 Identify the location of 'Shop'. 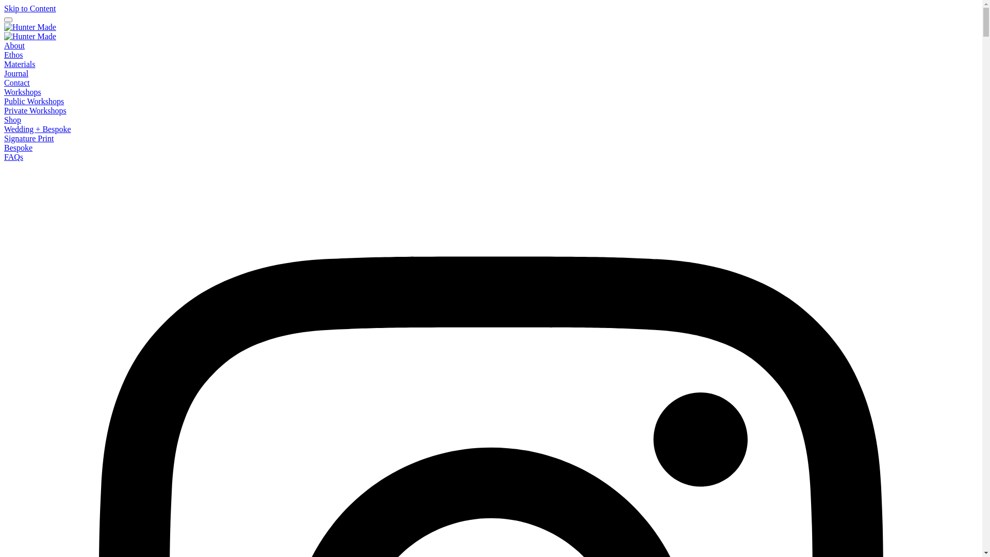
(4, 119).